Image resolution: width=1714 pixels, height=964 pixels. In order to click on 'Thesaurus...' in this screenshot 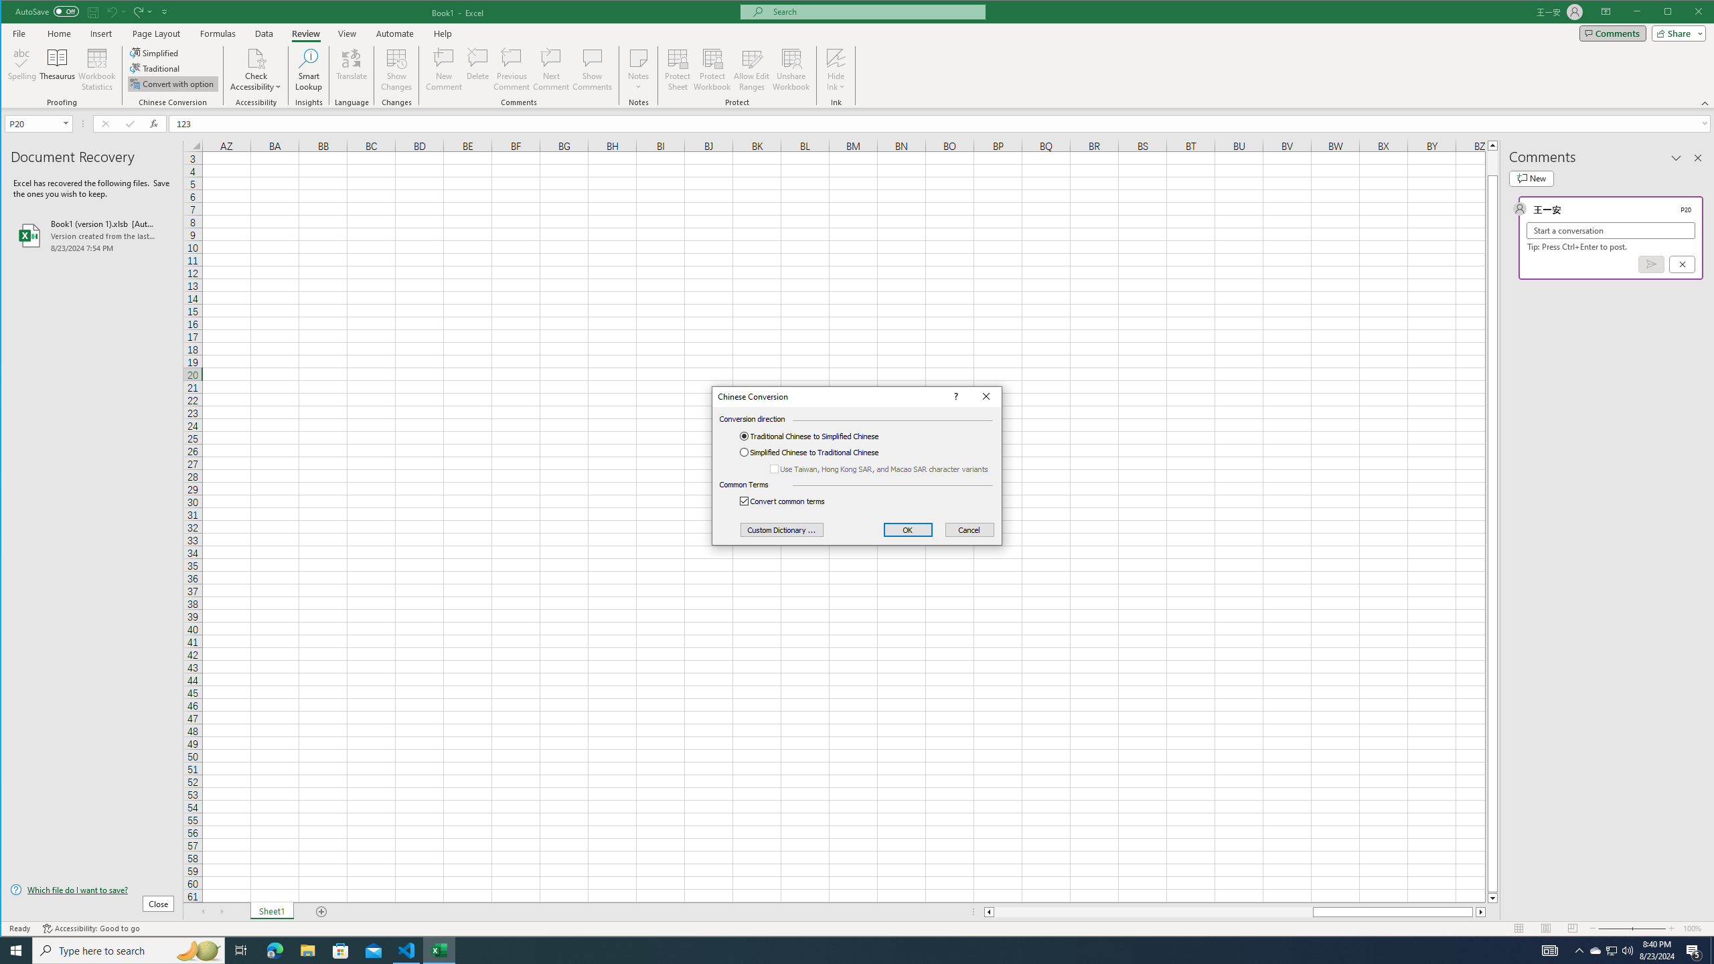, I will do `click(57, 69)`.